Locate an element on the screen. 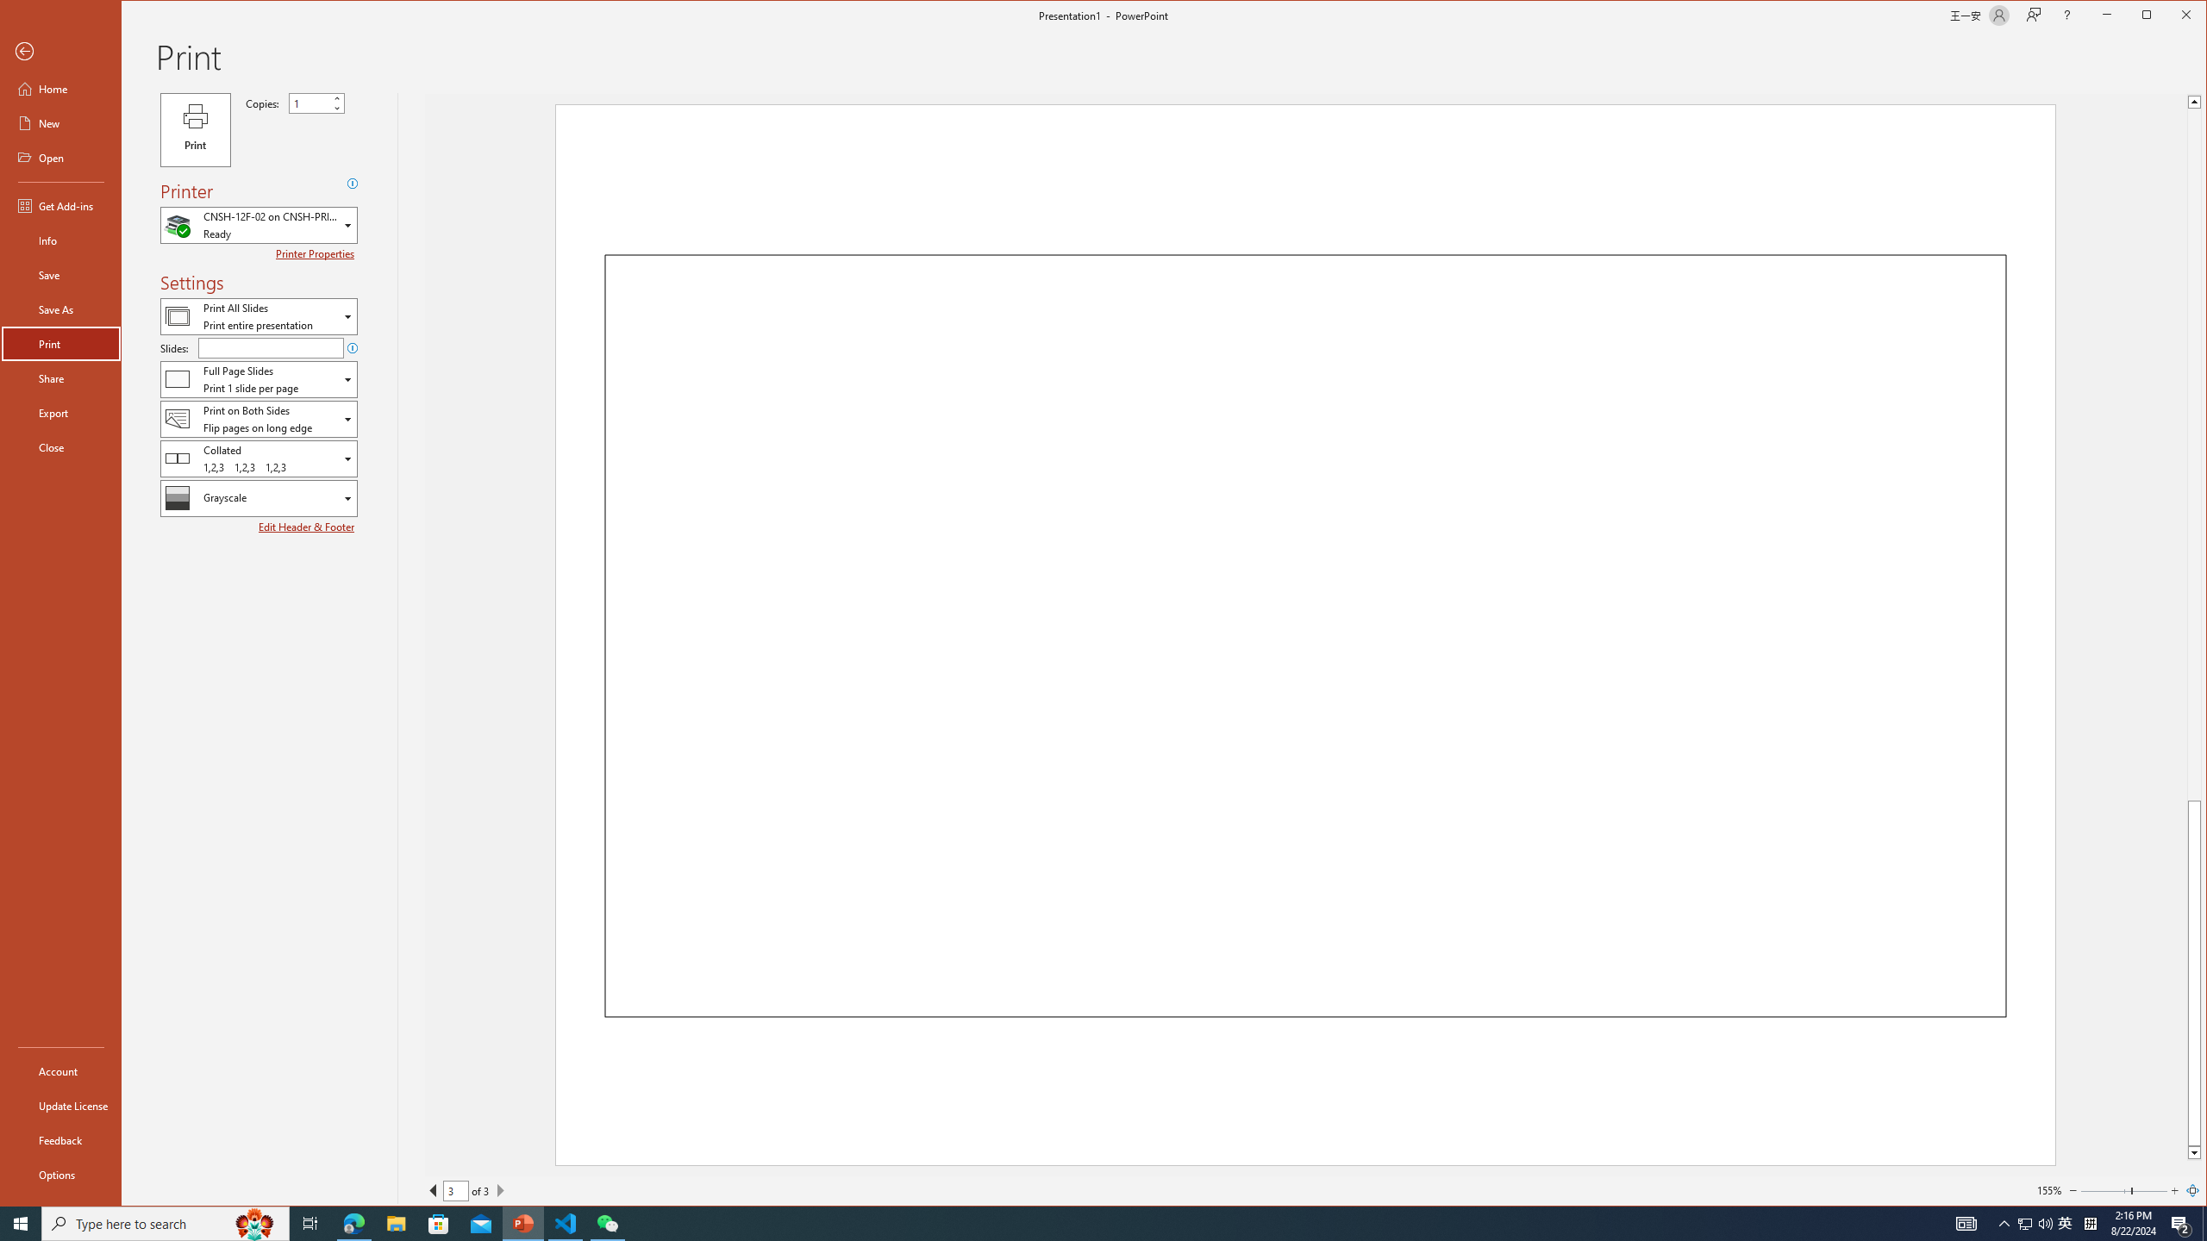 The image size is (2207, 1241). 'Account' is located at coordinates (59, 1070).